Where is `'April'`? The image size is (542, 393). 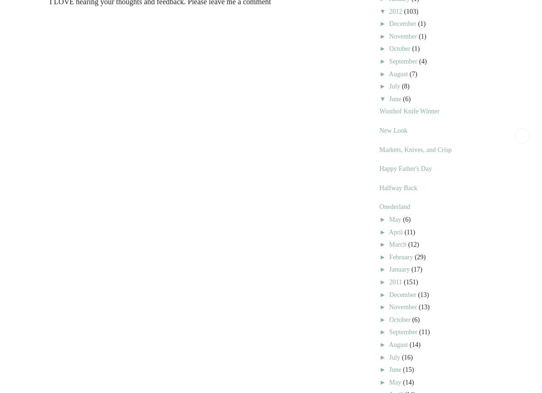 'April' is located at coordinates (388, 231).